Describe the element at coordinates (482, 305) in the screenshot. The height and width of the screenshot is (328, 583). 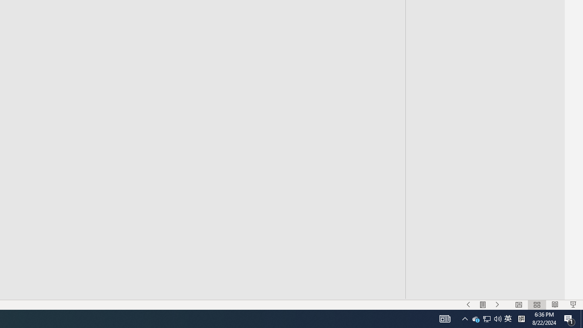
I see `'Menu On'` at that location.